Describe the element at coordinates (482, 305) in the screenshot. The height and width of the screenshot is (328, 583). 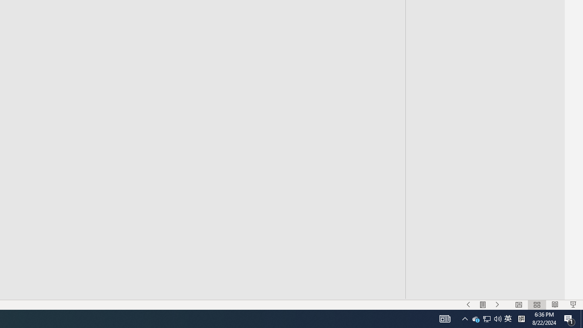
I see `'Menu On'` at that location.